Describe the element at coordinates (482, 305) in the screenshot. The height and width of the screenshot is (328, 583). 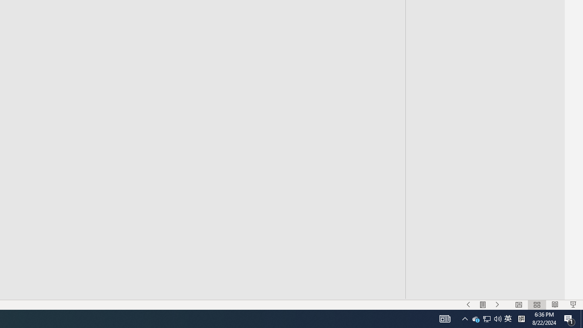
I see `'Menu On'` at that location.